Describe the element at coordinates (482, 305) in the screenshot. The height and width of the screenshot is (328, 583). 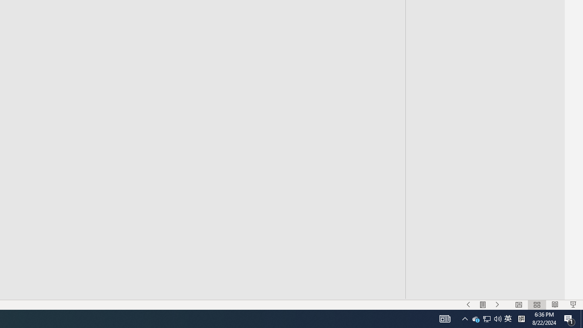
I see `'Menu On'` at that location.